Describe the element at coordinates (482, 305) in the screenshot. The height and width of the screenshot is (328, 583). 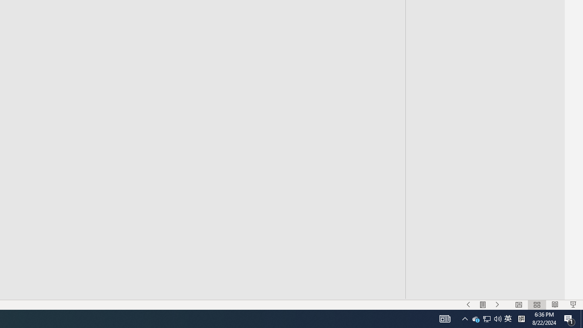
I see `'Menu On'` at that location.